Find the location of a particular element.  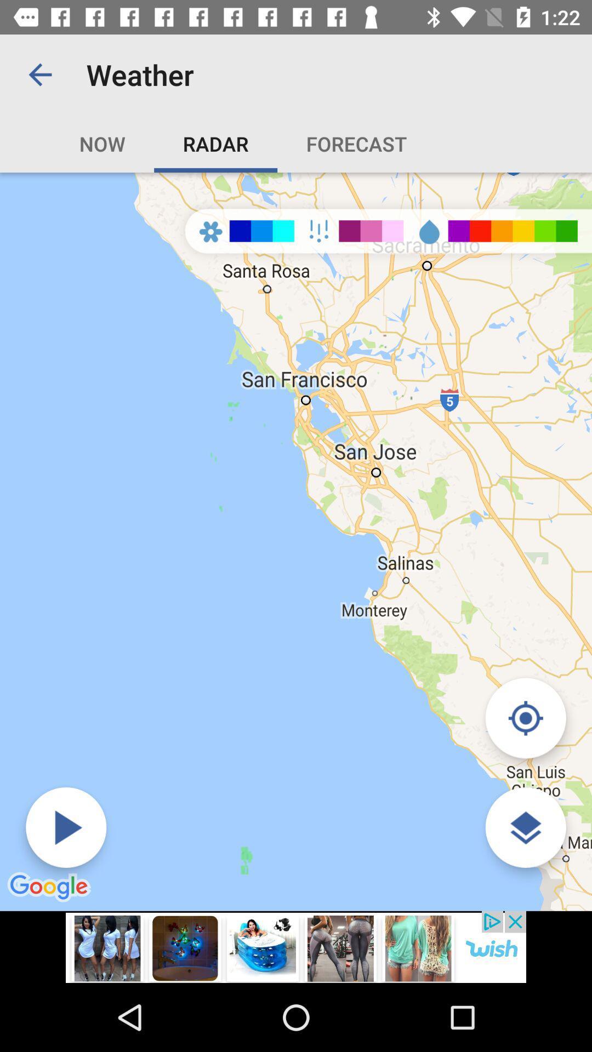

change view to 2d or 3d is located at coordinates (525, 827).